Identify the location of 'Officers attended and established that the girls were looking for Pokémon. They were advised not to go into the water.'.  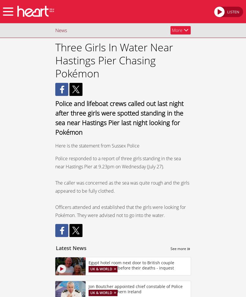
(120, 211).